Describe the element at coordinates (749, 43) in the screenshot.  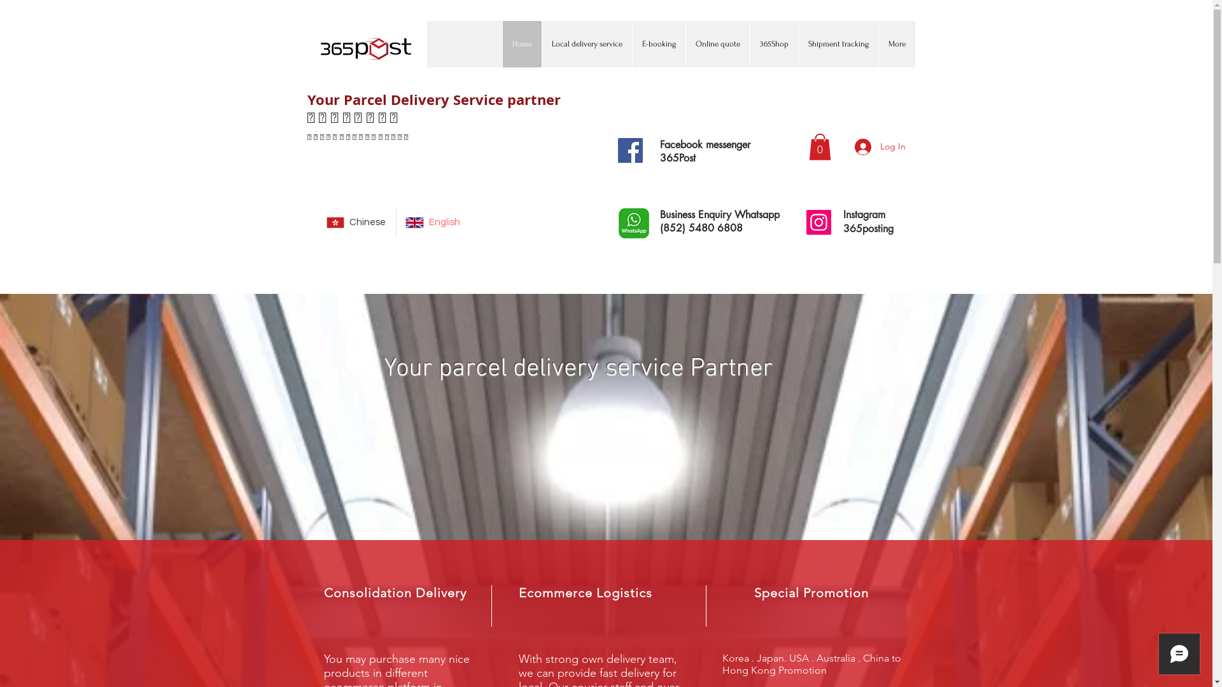
I see `'365Shop'` at that location.